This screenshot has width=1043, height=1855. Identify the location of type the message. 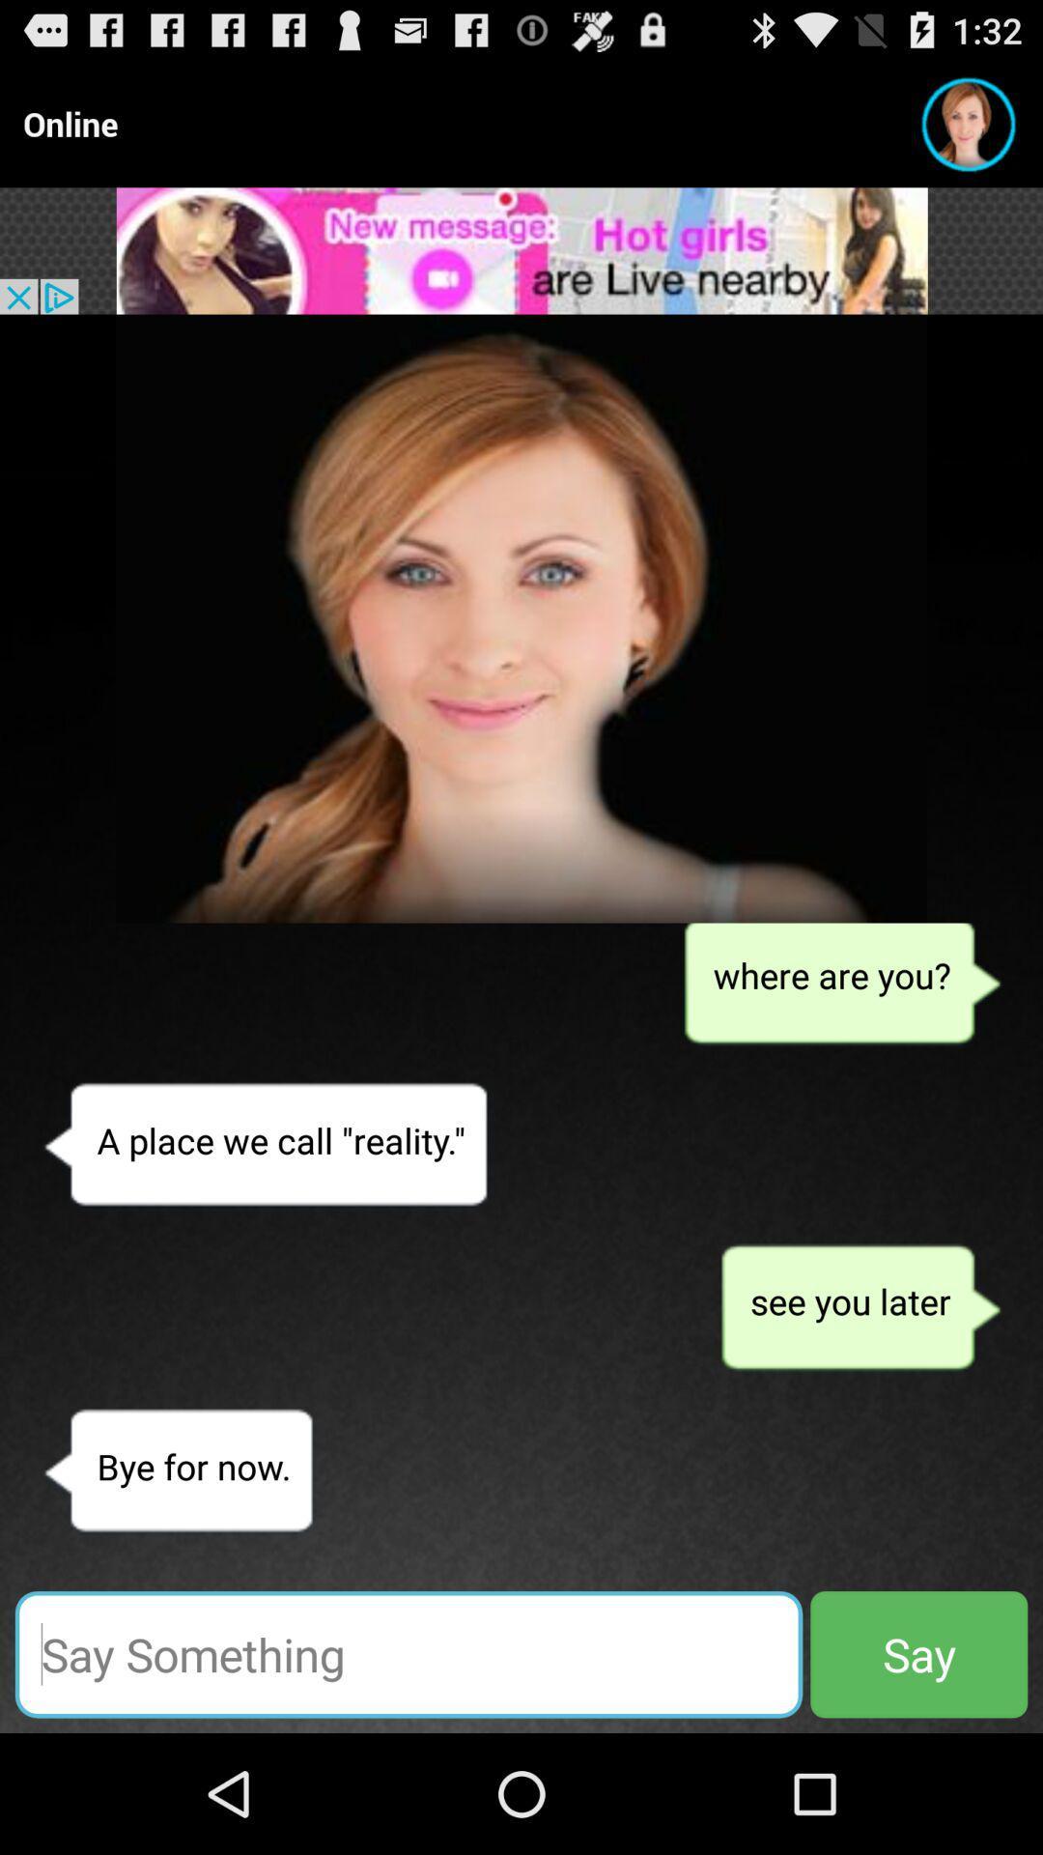
(408, 1653).